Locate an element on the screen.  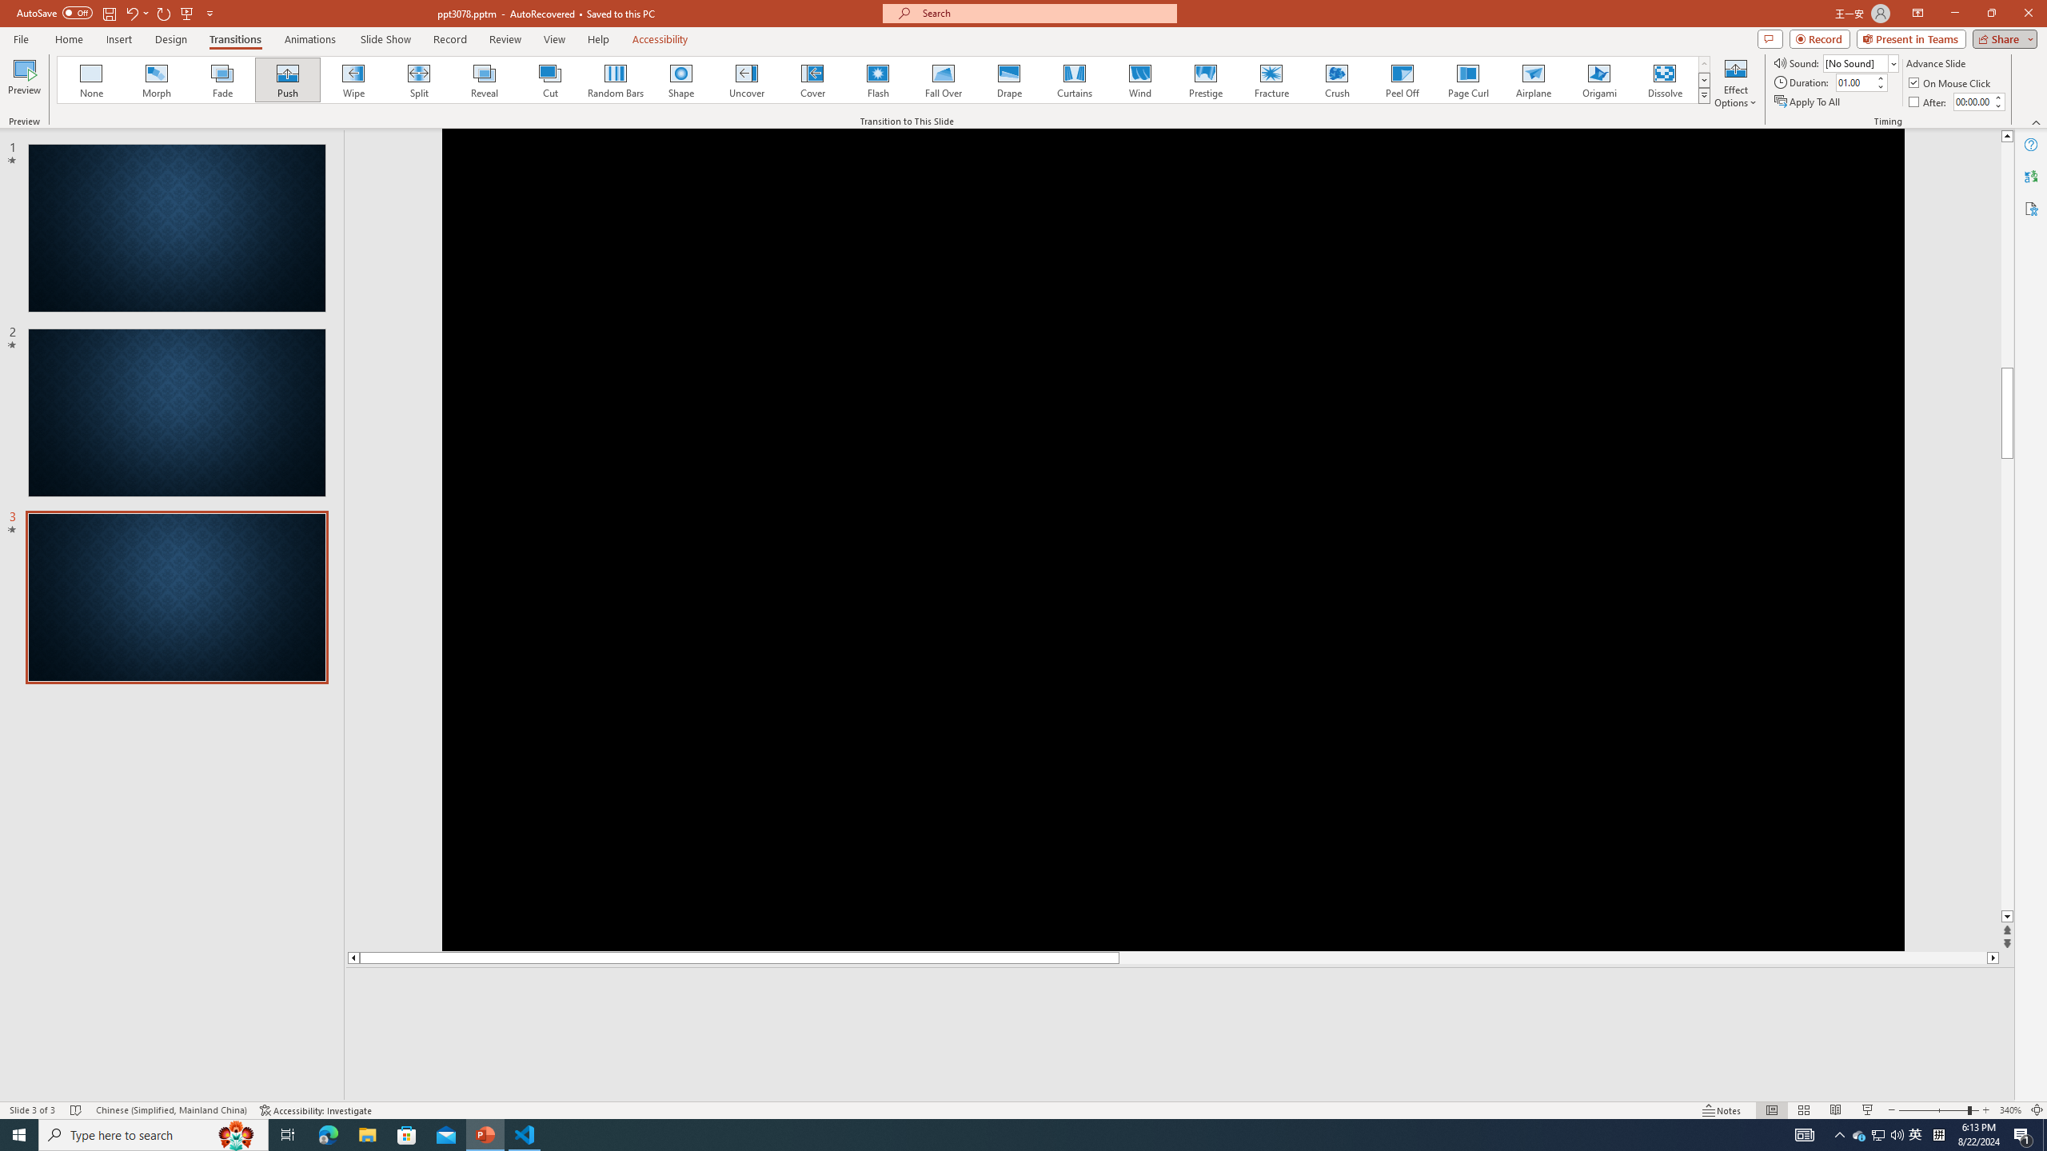
'Reveal' is located at coordinates (485, 79).